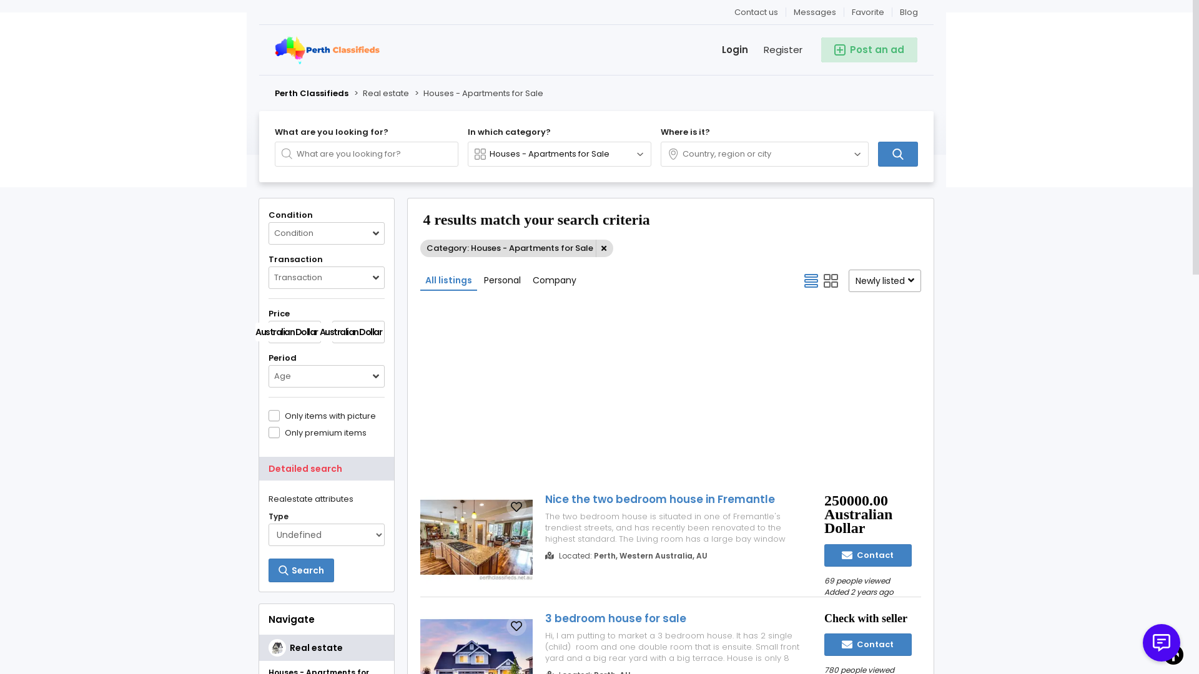 The width and height of the screenshot is (1199, 674). I want to click on 'Category: Houses - Apartments for Sale', so click(516, 248).